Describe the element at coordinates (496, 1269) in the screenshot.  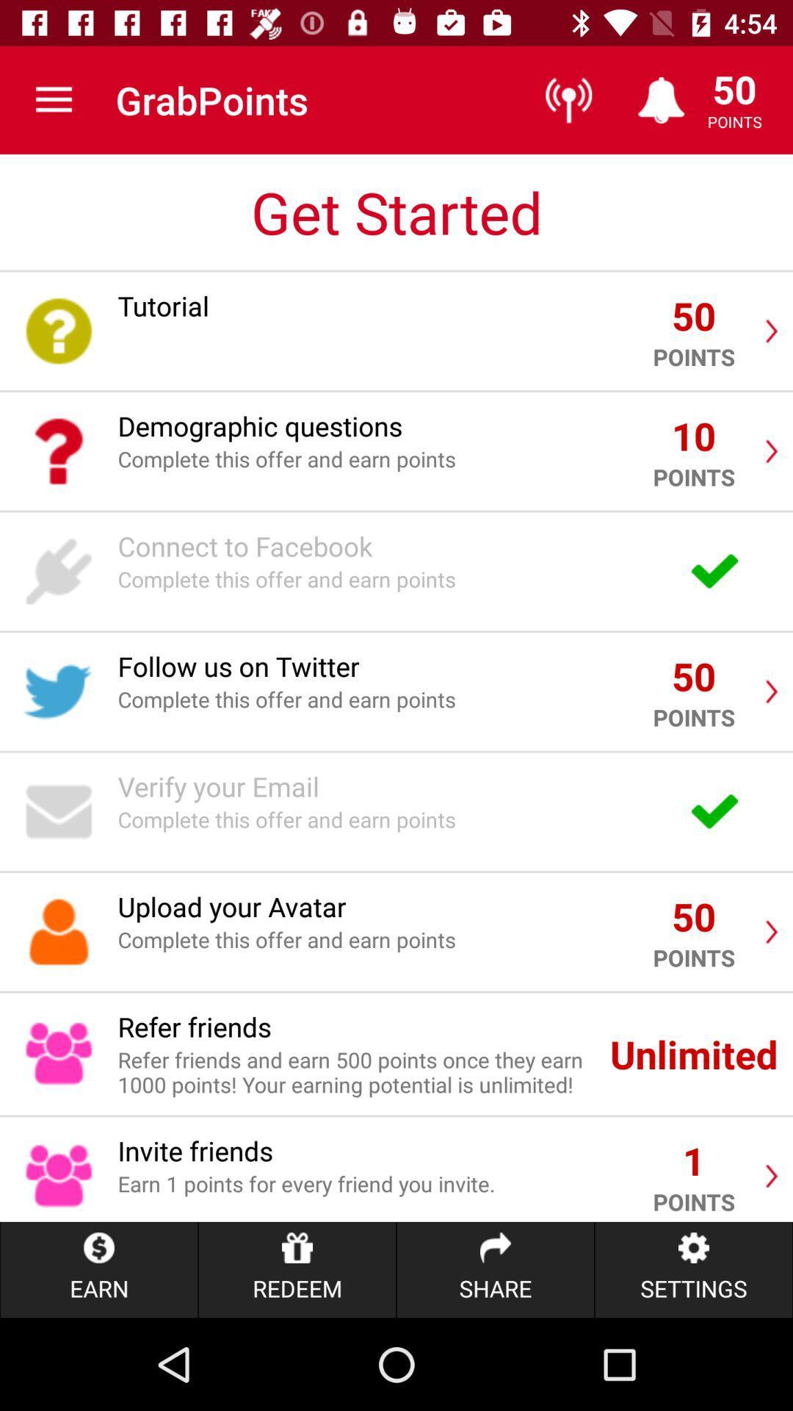
I see `icon to the left of the settings item` at that location.